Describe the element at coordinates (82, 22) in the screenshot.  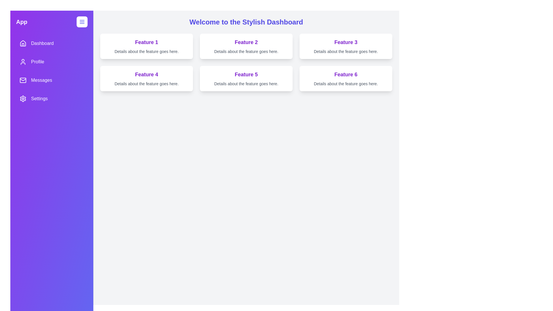
I see `the hamburger menu icon button located in the collapsible left navigation bar at the top-right corner` at that location.